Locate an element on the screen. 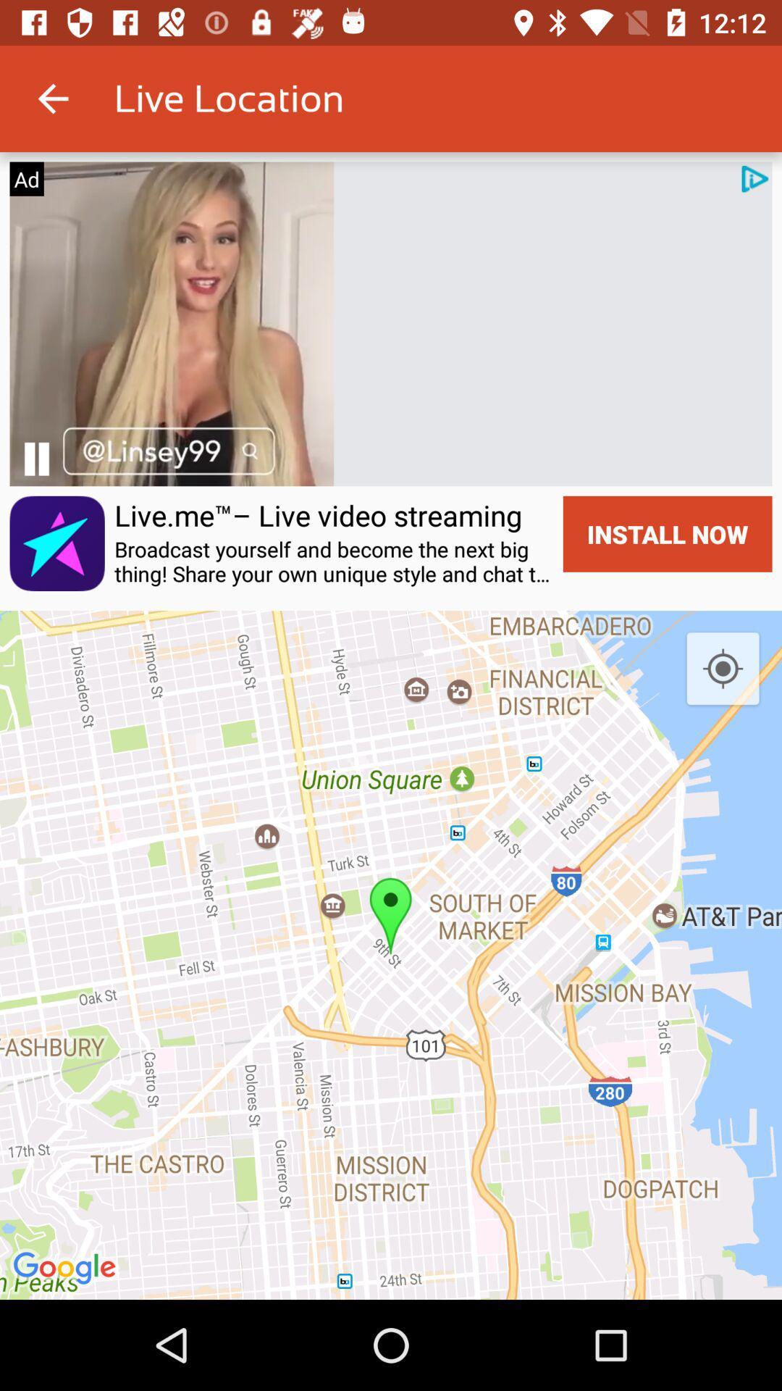  the install now item is located at coordinates (668, 533).